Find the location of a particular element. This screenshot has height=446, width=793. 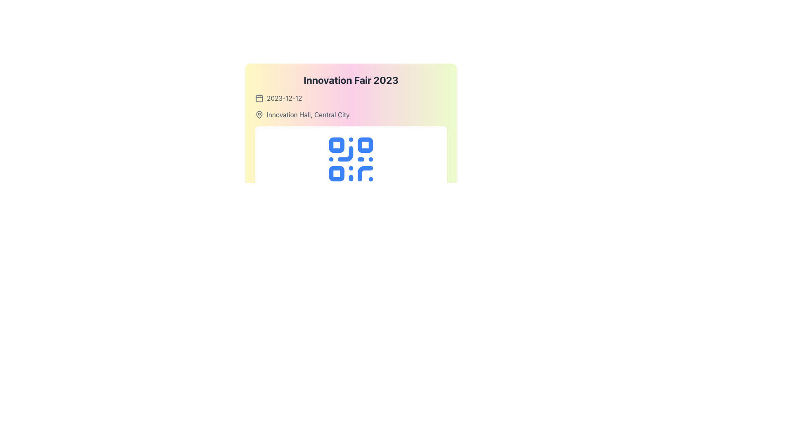

the informational display for the date of the 'Innovation Fair 2023', which is located directly below the title row and above the row displaying 'Innovation Hall, Central City' is located at coordinates (351, 98).